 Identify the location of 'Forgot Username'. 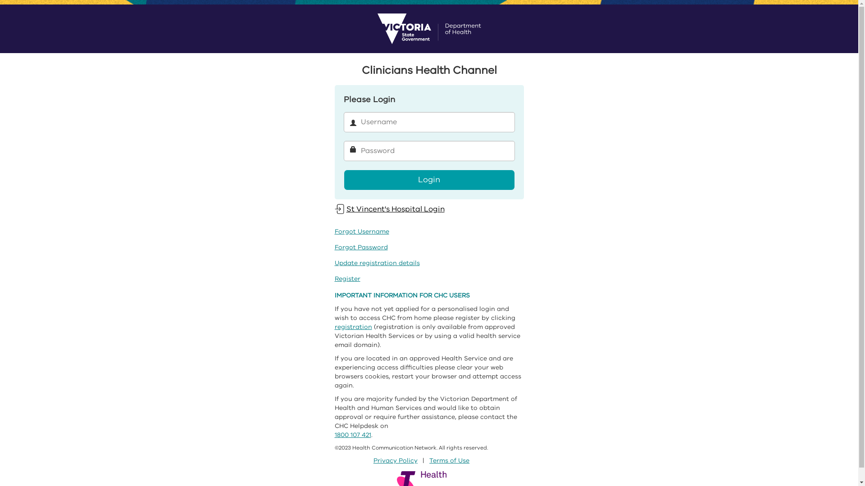
(334, 231).